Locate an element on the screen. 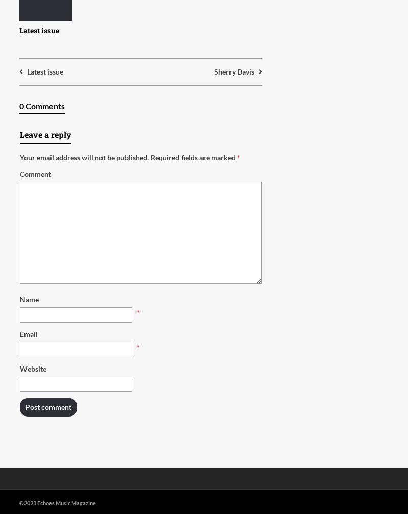  'Comment' is located at coordinates (35, 174).